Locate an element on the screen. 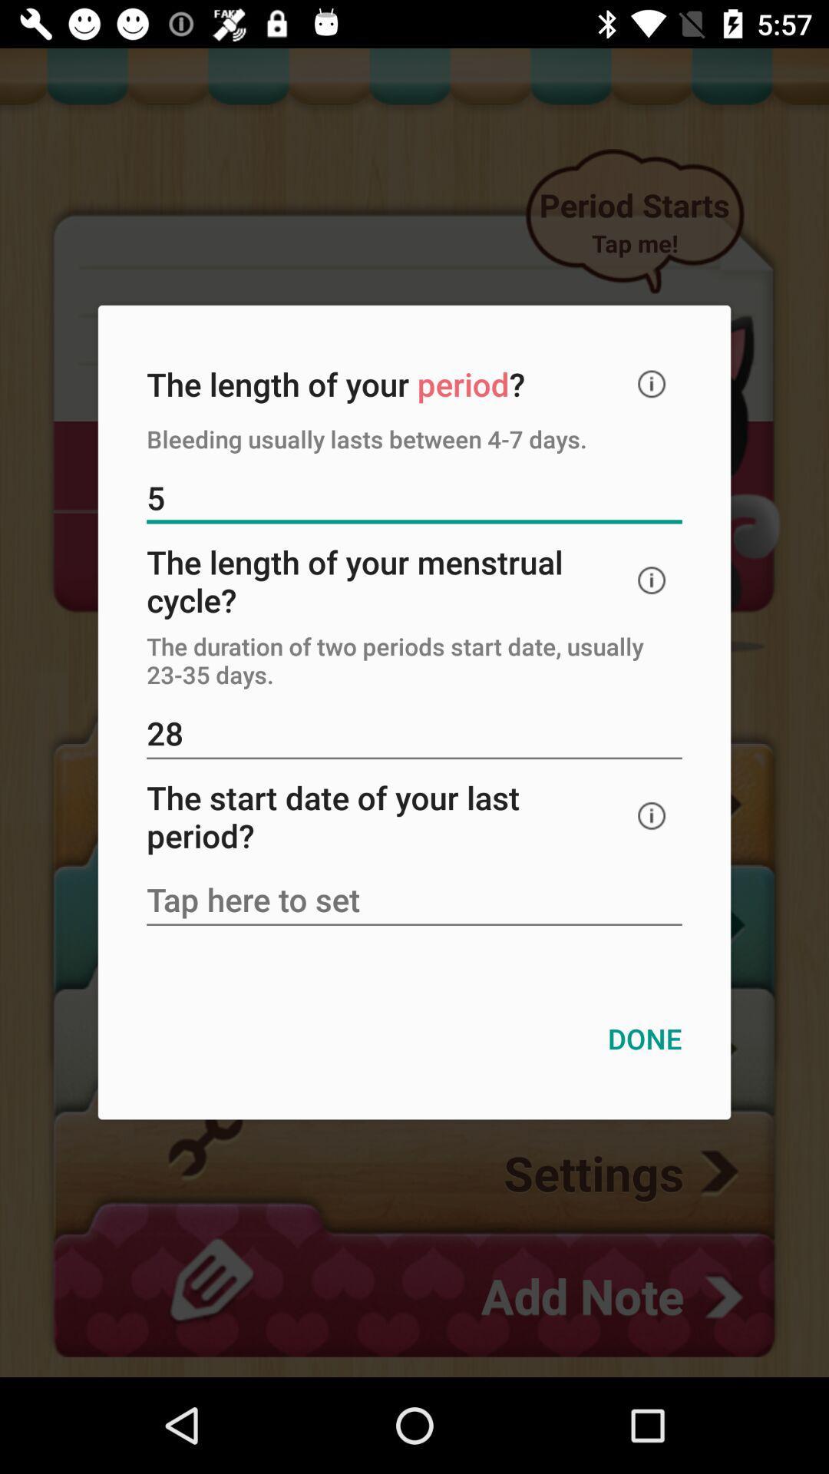  the icon above bleeding usually lasts item is located at coordinates (652, 384).